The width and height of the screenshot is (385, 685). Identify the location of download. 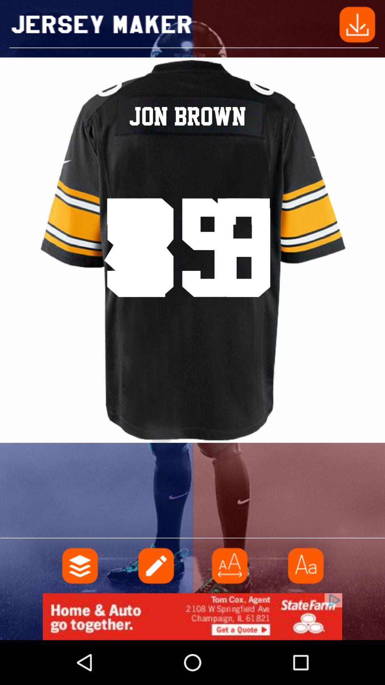
(357, 24).